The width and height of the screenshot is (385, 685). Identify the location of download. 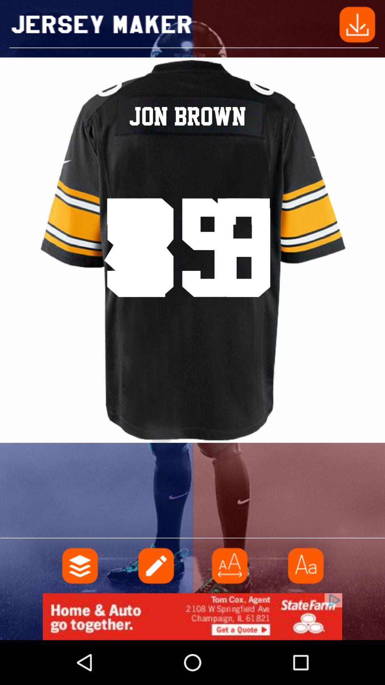
(357, 24).